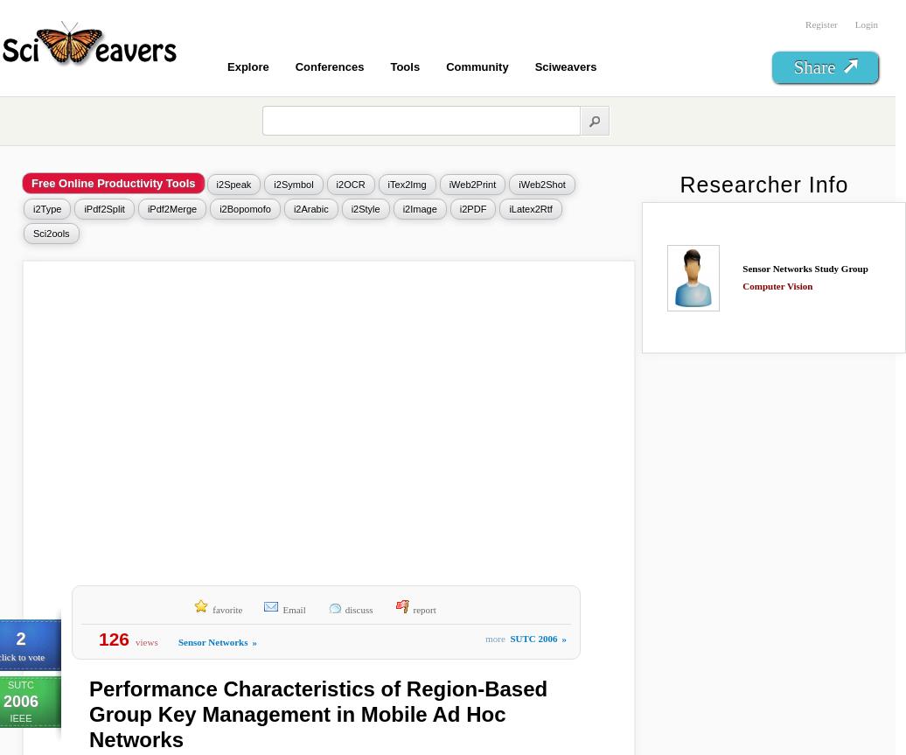 The width and height of the screenshot is (906, 755). What do you see at coordinates (293, 609) in the screenshot?
I see `'Email'` at bounding box center [293, 609].